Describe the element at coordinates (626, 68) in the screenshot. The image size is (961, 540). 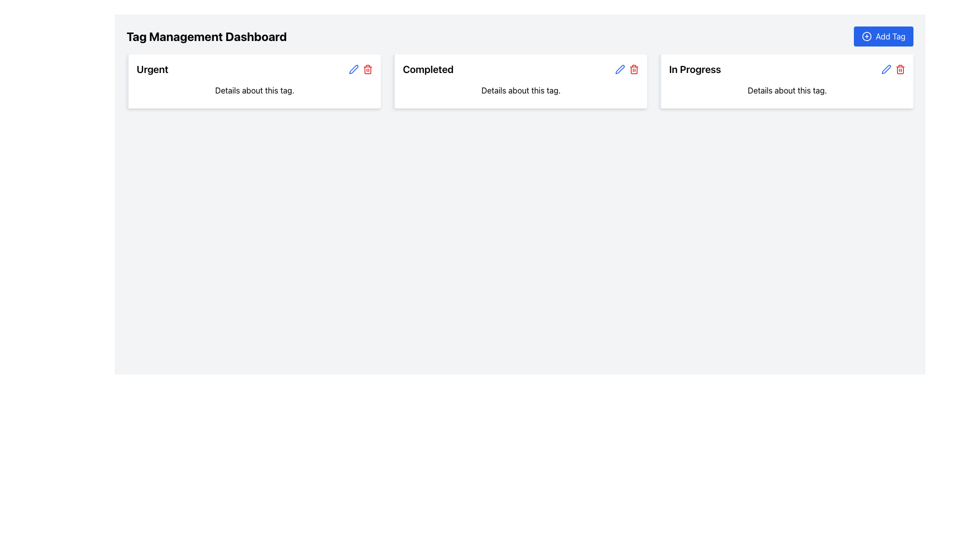
I see `the red trash can icon in the action set located in the top right corner of the 'Completed' item card` at that location.